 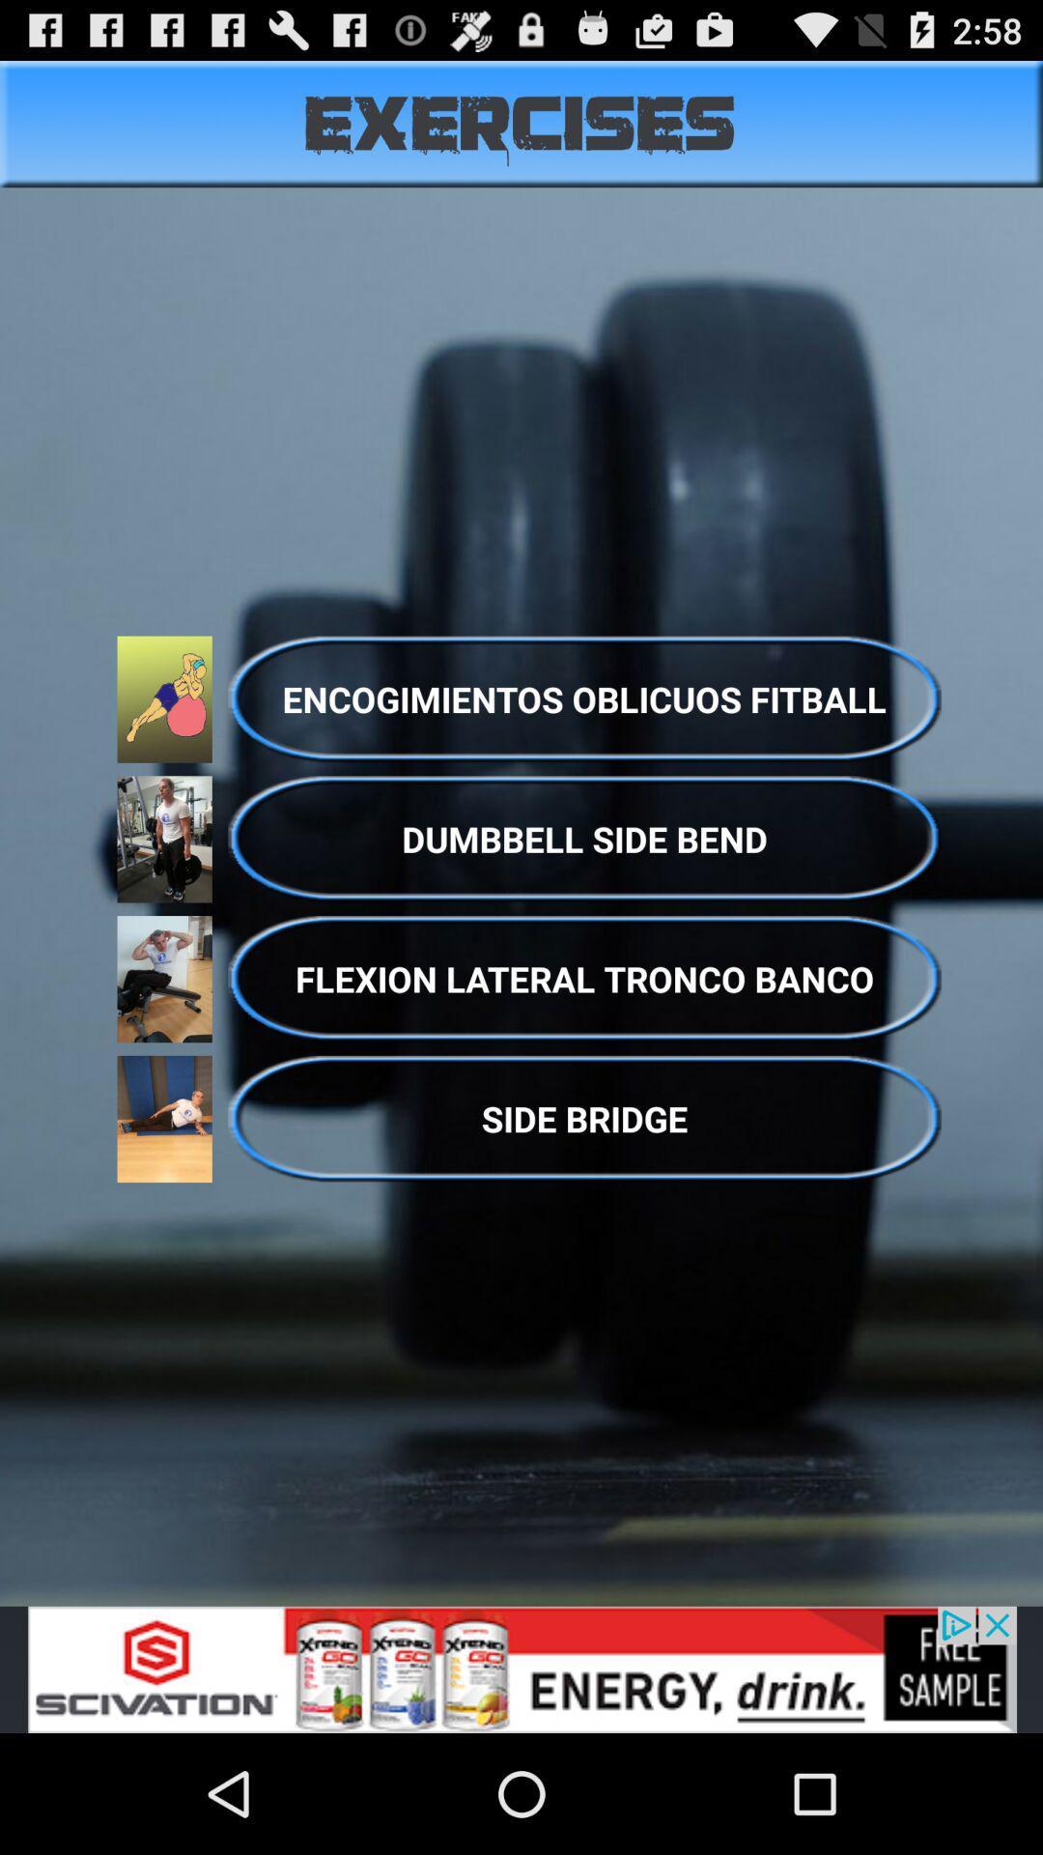 I want to click on banner, so click(x=521, y=1669).